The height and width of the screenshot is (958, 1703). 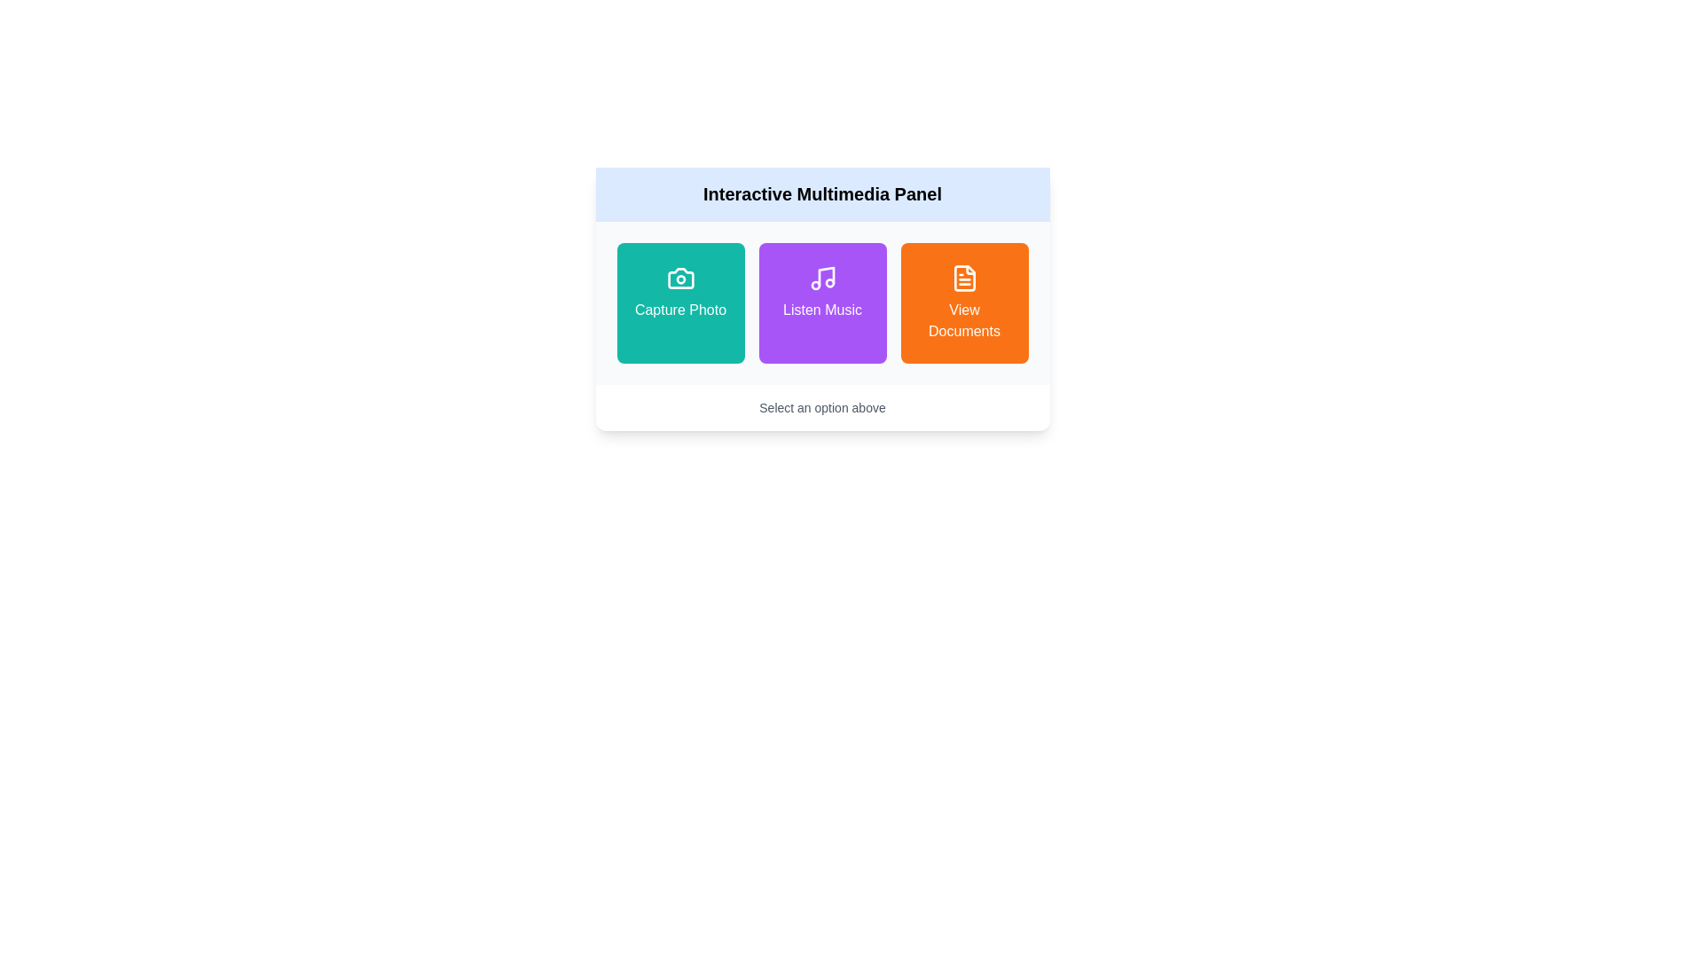 What do you see at coordinates (679, 310) in the screenshot?
I see `text content of the 'Capture Photo' label, which is centered at the bottom of a teal button with rounded corners, positioned to the left within a group of three buttons` at bounding box center [679, 310].